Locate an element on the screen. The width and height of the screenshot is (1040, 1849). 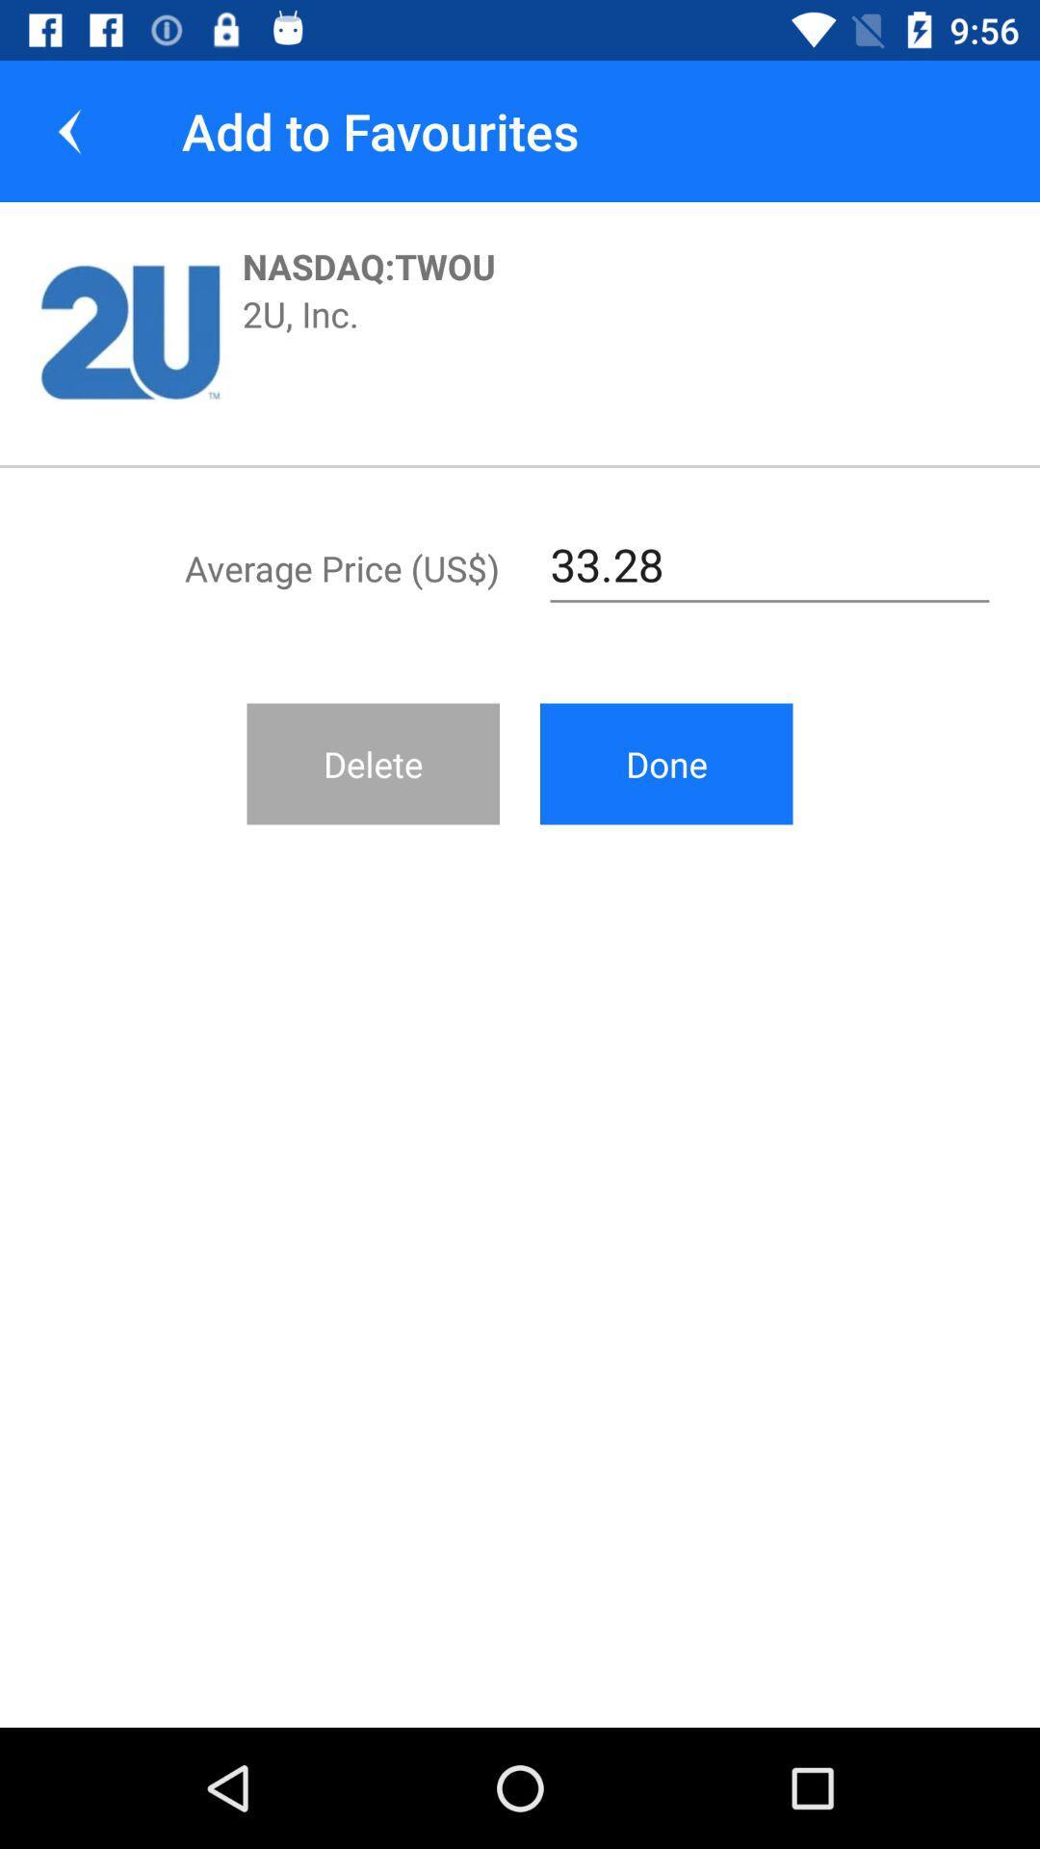
the icon to the right of the delete is located at coordinates (665, 763).